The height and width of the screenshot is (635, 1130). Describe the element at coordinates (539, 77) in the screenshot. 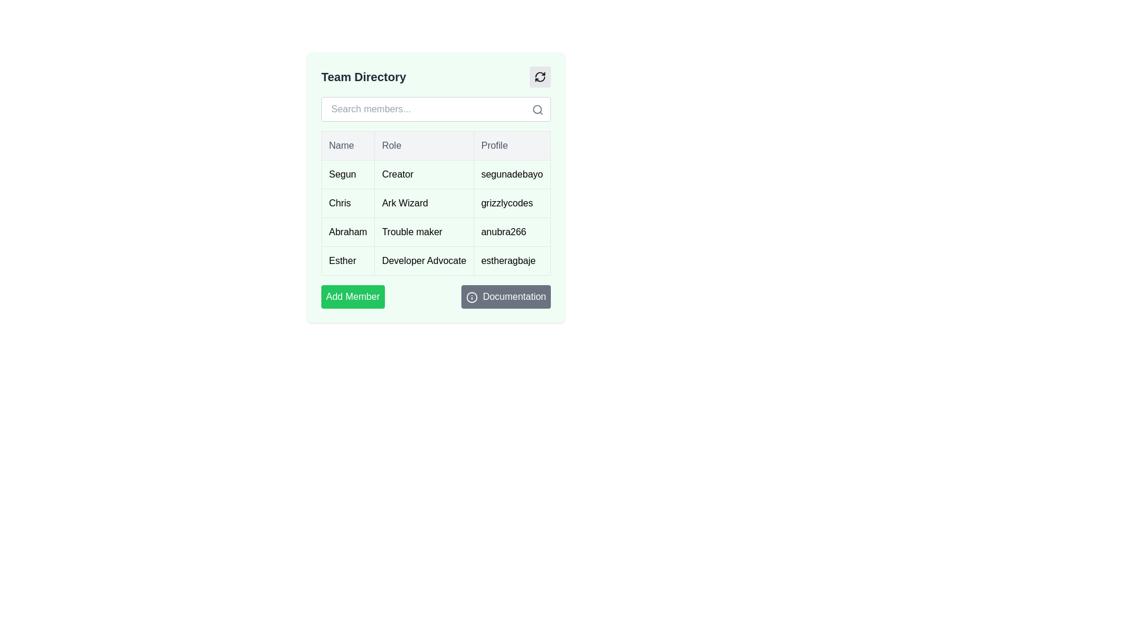

I see `the circular refresh button located in the top-right corner of the 'Team Directory' section` at that location.